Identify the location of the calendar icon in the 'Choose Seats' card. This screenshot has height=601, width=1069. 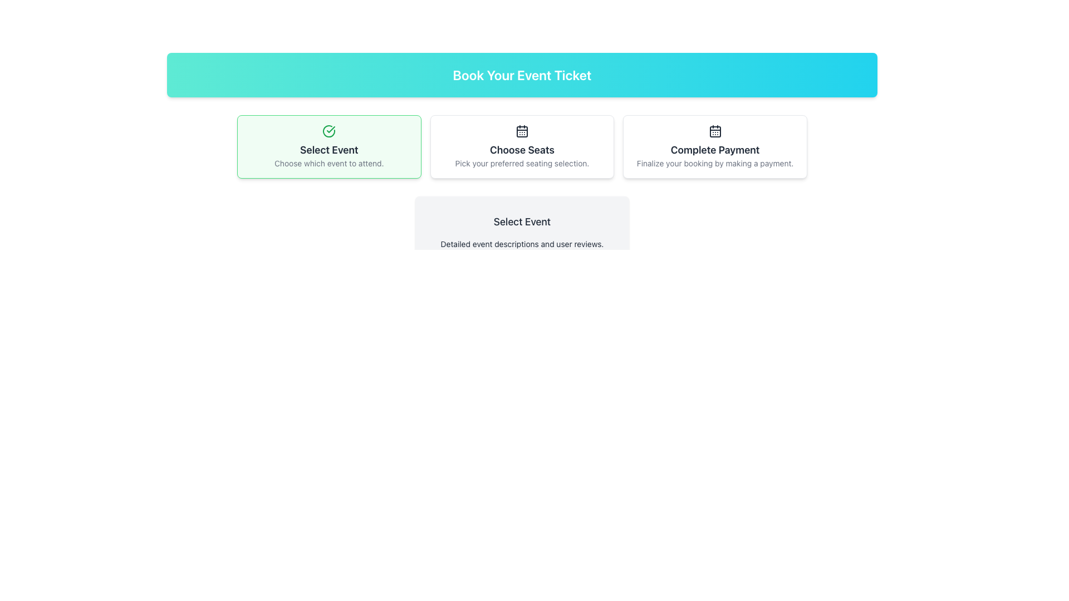
(521, 130).